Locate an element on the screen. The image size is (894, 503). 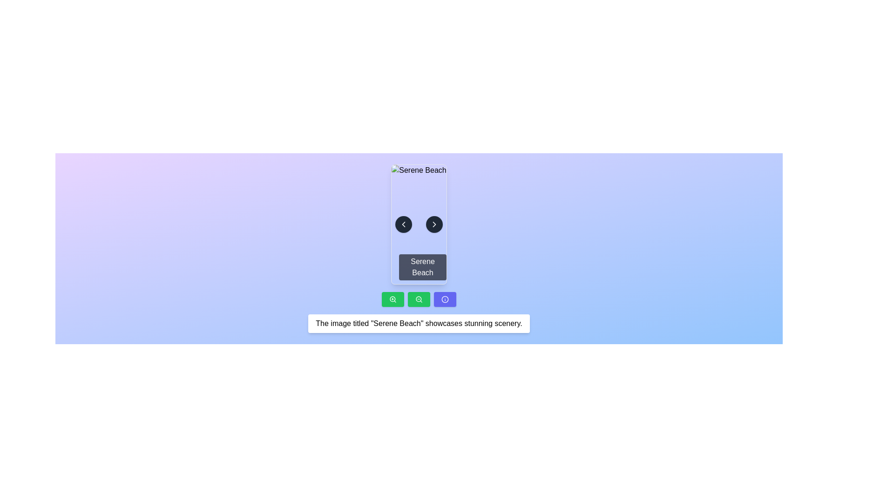
the green zoom-in button with a white magnifying glass icon featuring a plus sign, located at the bottom center of the interface is located at coordinates (419, 299).